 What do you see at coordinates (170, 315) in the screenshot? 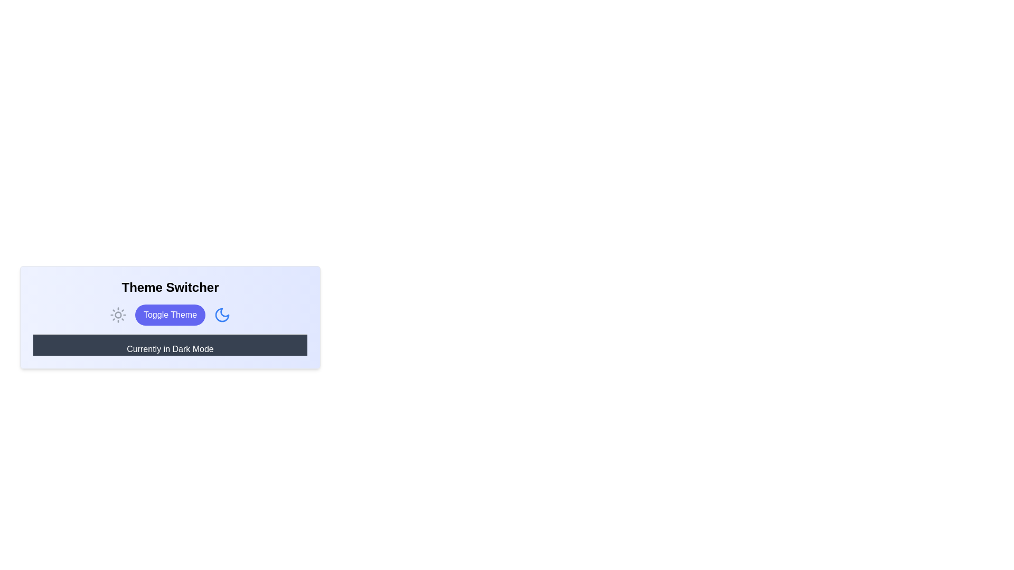
I see `the theme toggle button located near the center of the 'Theme Switcher' box, positioned between the sun icon on the left and the moon icon on the right` at bounding box center [170, 315].